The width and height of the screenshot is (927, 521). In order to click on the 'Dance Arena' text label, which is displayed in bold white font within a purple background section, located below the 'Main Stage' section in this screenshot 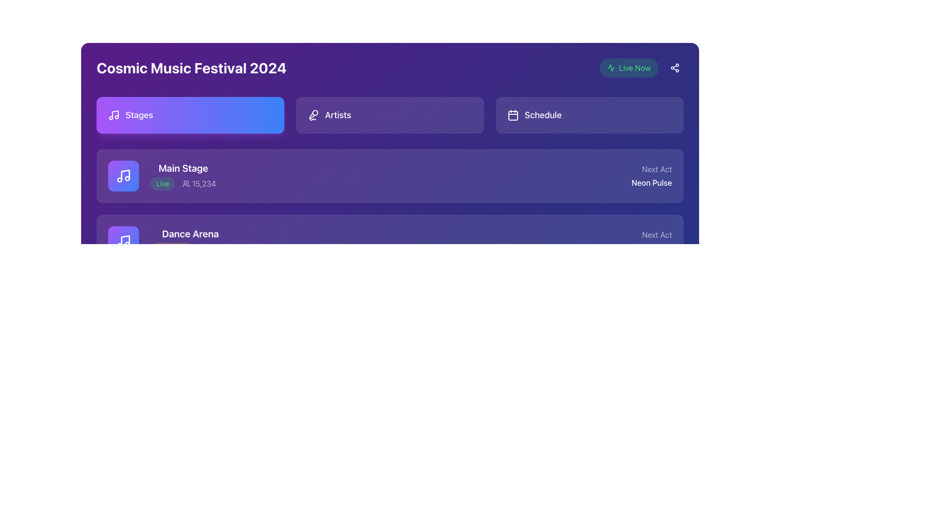, I will do `click(190, 234)`.